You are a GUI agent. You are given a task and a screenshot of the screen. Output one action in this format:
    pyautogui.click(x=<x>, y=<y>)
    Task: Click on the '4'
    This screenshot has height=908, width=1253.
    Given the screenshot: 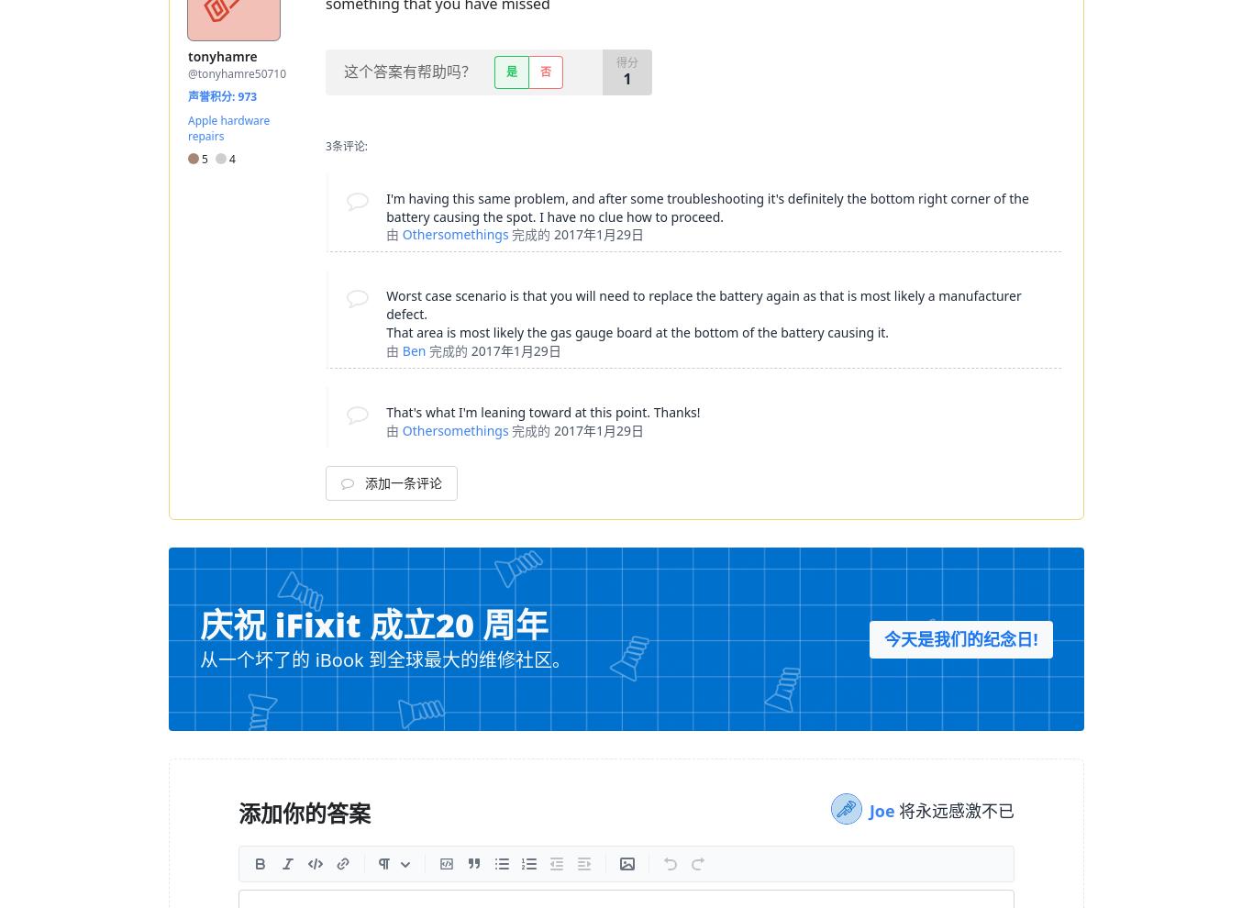 What is the action you would take?
    pyautogui.click(x=226, y=158)
    